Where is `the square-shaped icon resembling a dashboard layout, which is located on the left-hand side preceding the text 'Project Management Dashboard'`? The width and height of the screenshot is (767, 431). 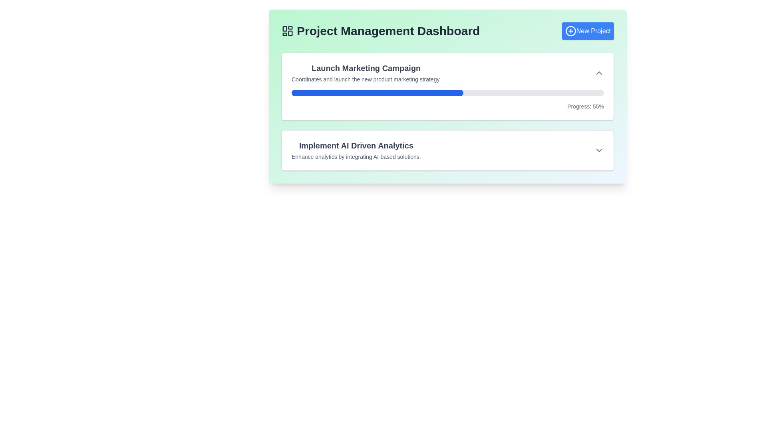 the square-shaped icon resembling a dashboard layout, which is located on the left-hand side preceding the text 'Project Management Dashboard' is located at coordinates (288, 30).